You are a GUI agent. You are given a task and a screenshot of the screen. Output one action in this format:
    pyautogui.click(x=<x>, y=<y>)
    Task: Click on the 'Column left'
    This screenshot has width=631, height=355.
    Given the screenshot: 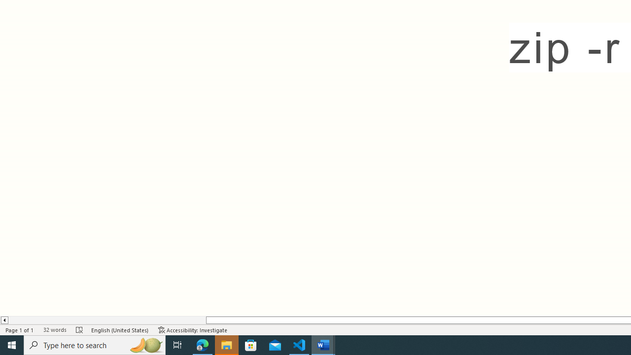 What is the action you would take?
    pyautogui.click(x=4, y=320)
    